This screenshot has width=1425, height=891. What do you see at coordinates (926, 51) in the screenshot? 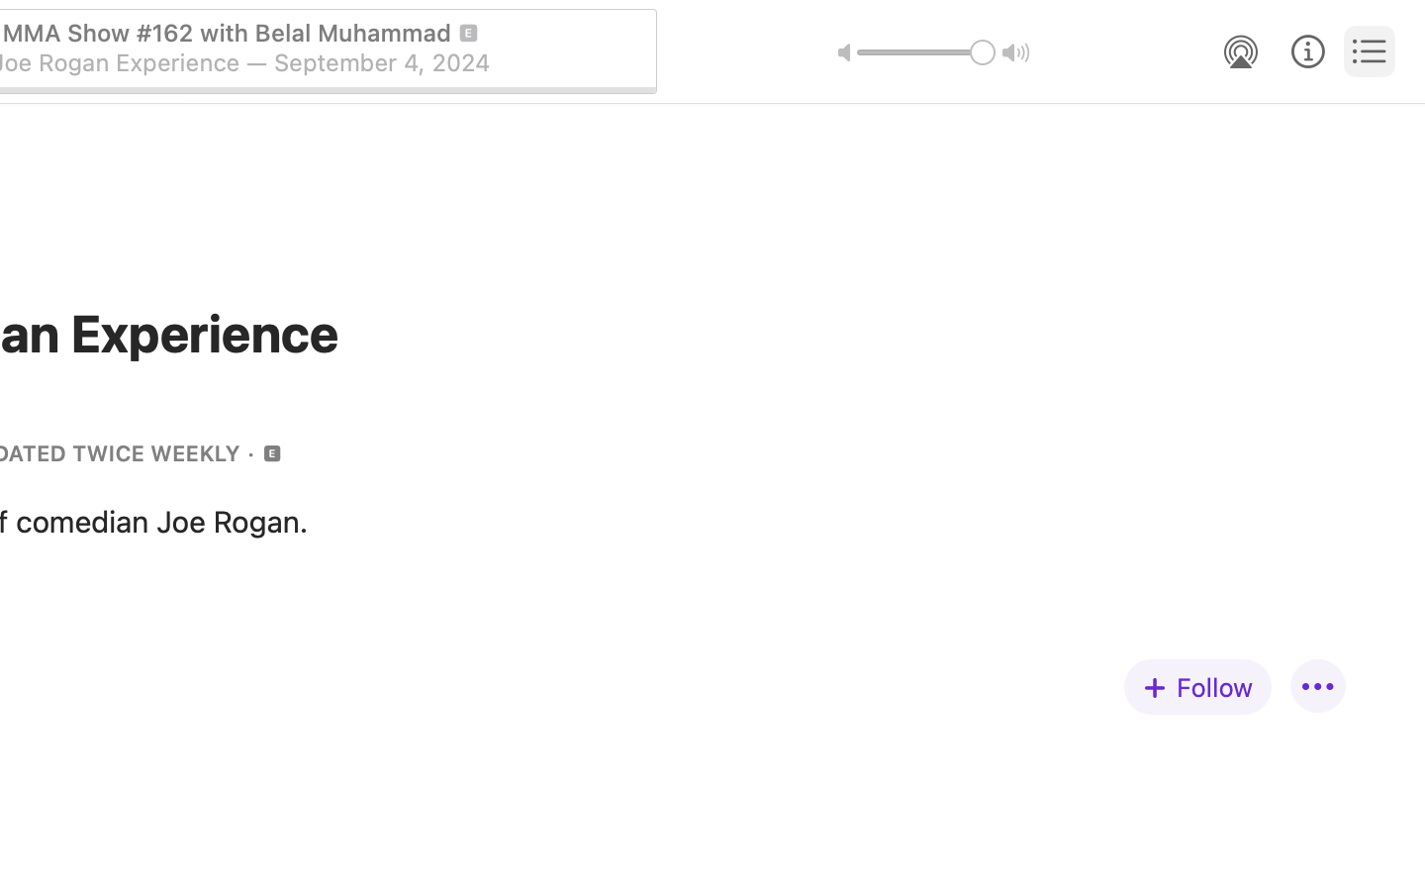
I see `'1.0'` at bounding box center [926, 51].